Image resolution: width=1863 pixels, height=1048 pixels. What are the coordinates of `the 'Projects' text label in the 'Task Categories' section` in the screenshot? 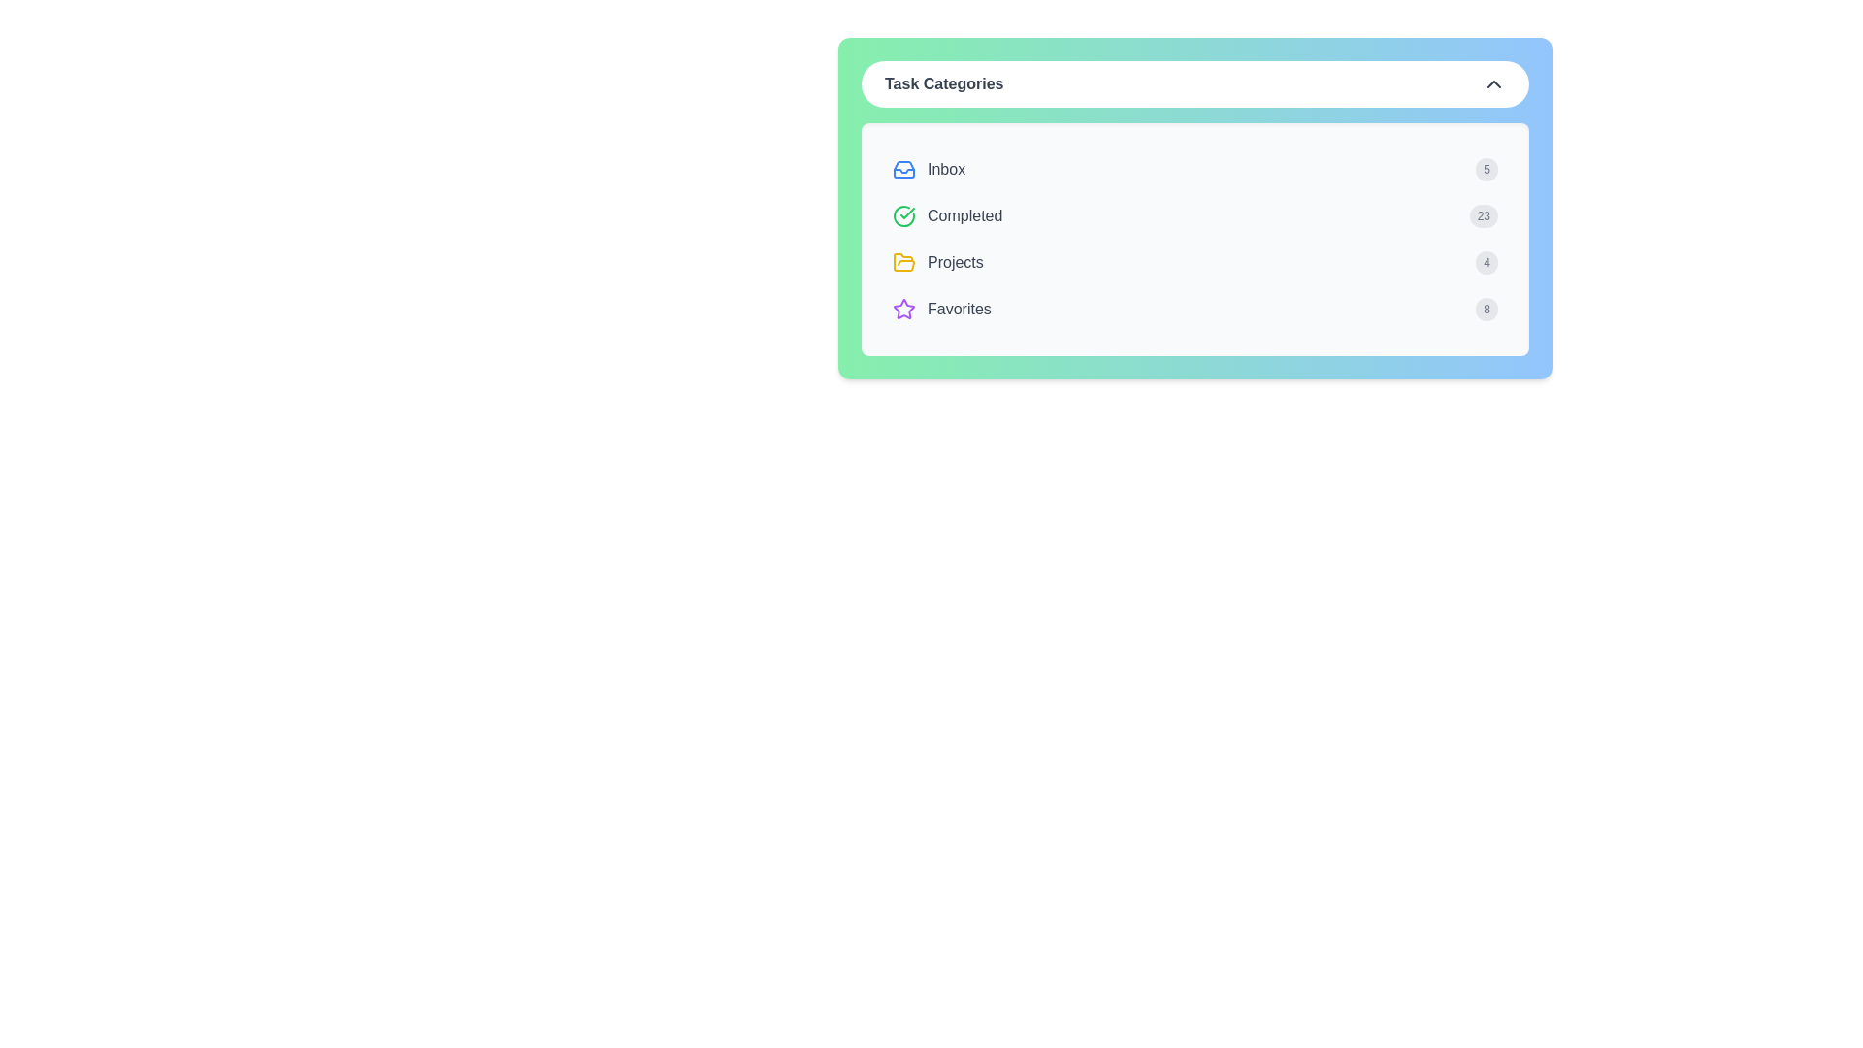 It's located at (955, 262).